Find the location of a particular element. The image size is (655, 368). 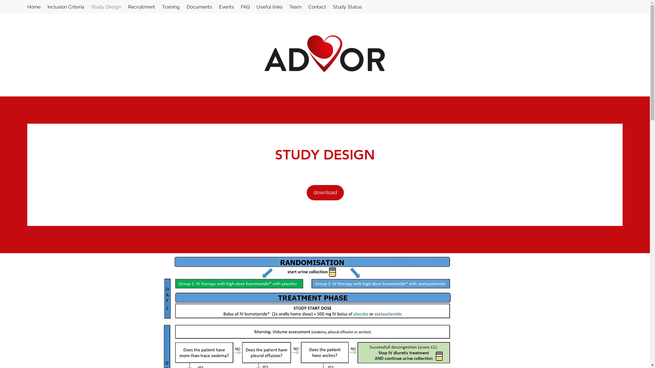

'Study Design' is located at coordinates (106, 6).